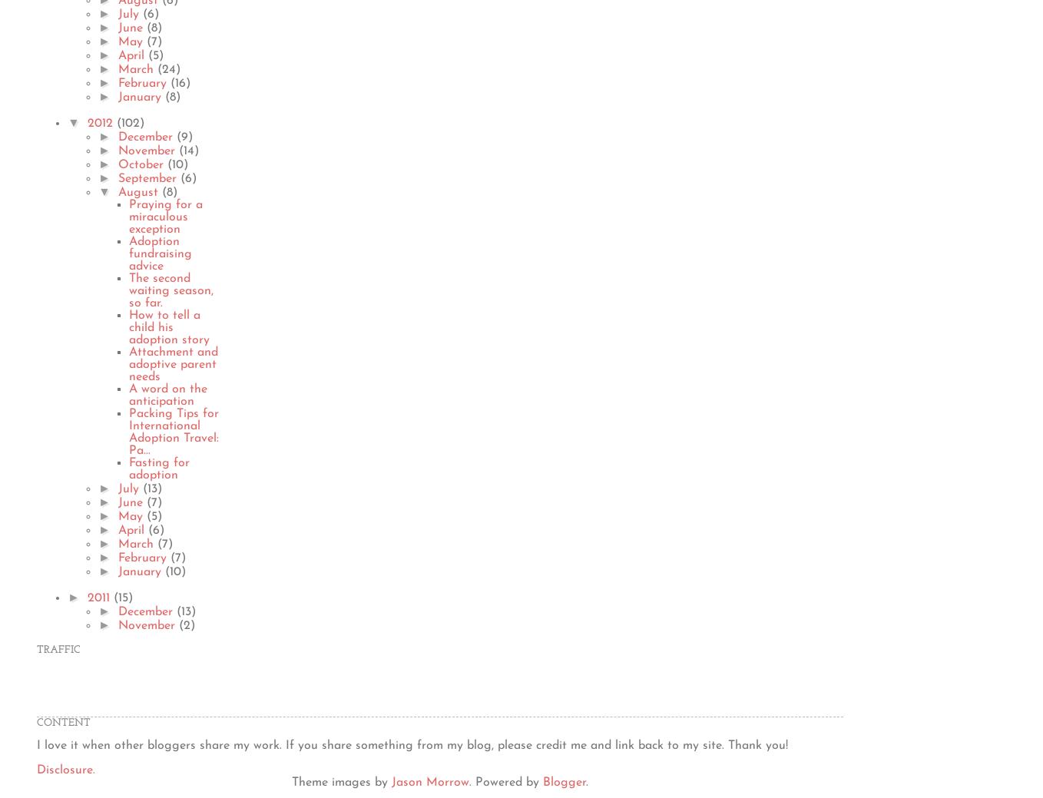 The height and width of the screenshot is (798, 1043). I want to click on 'September', so click(148, 178).